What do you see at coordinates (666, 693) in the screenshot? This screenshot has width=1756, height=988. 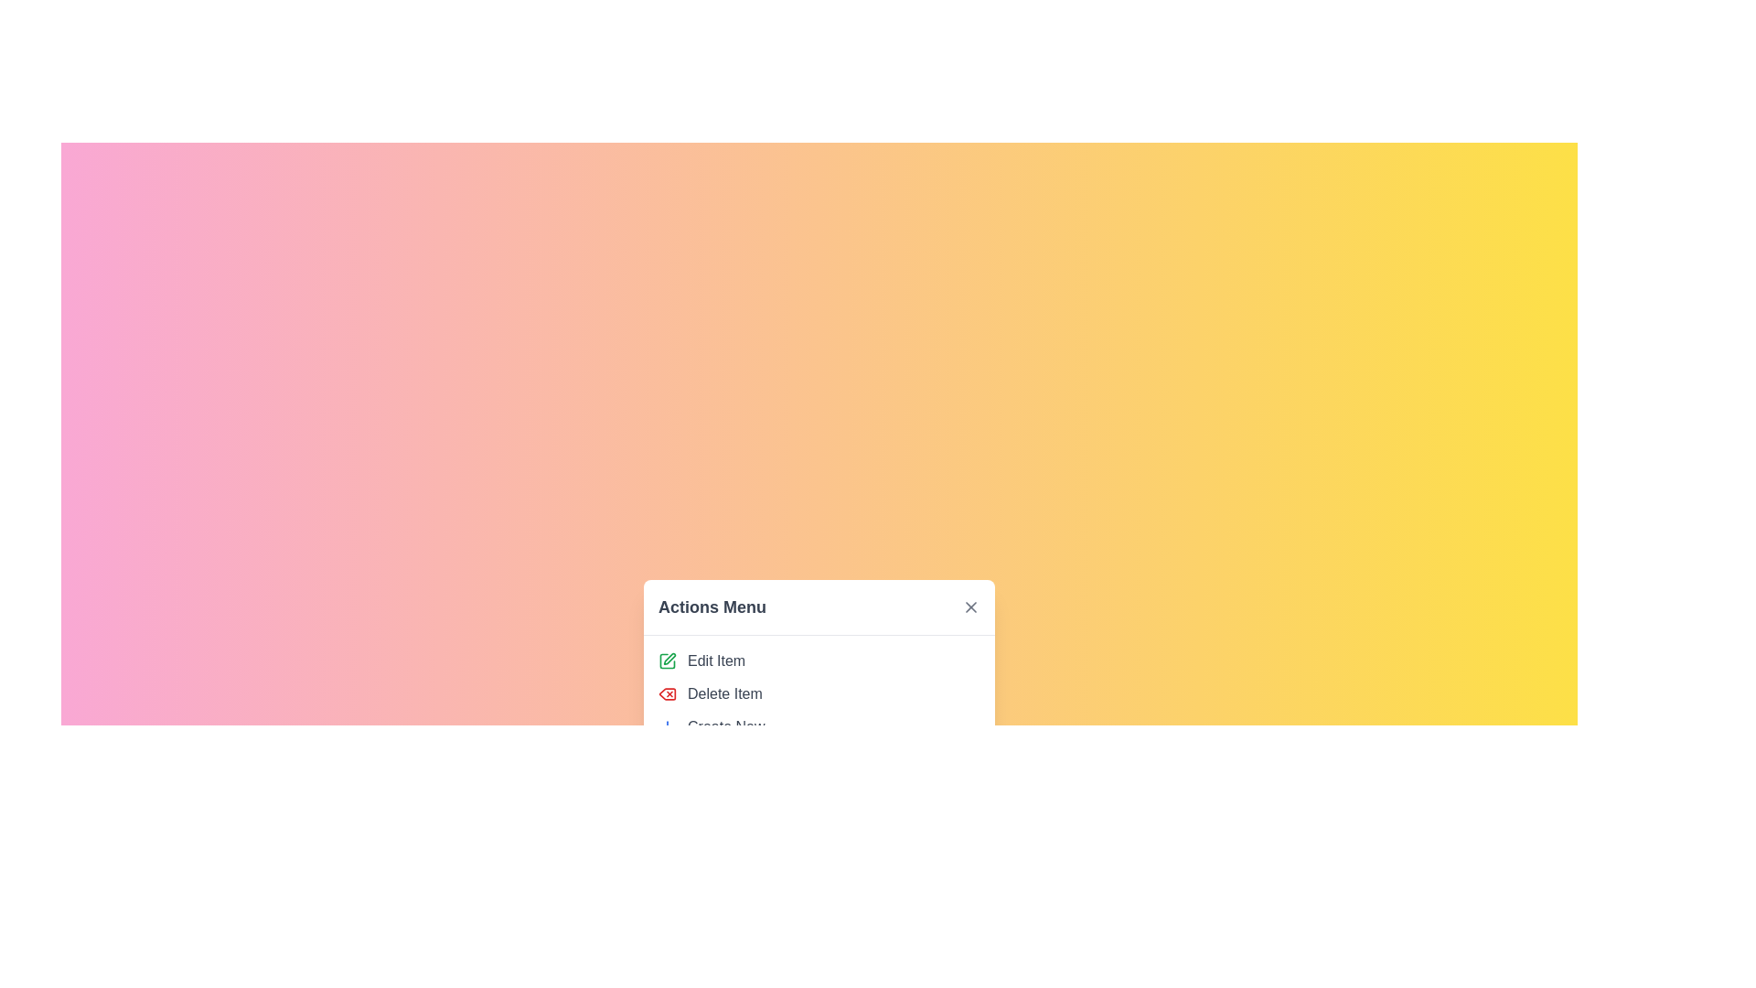 I see `the Icon Button that resembles a red trash bin with an 'x' overlay, located under the 'Delete Item' label in the action list` at bounding box center [666, 693].